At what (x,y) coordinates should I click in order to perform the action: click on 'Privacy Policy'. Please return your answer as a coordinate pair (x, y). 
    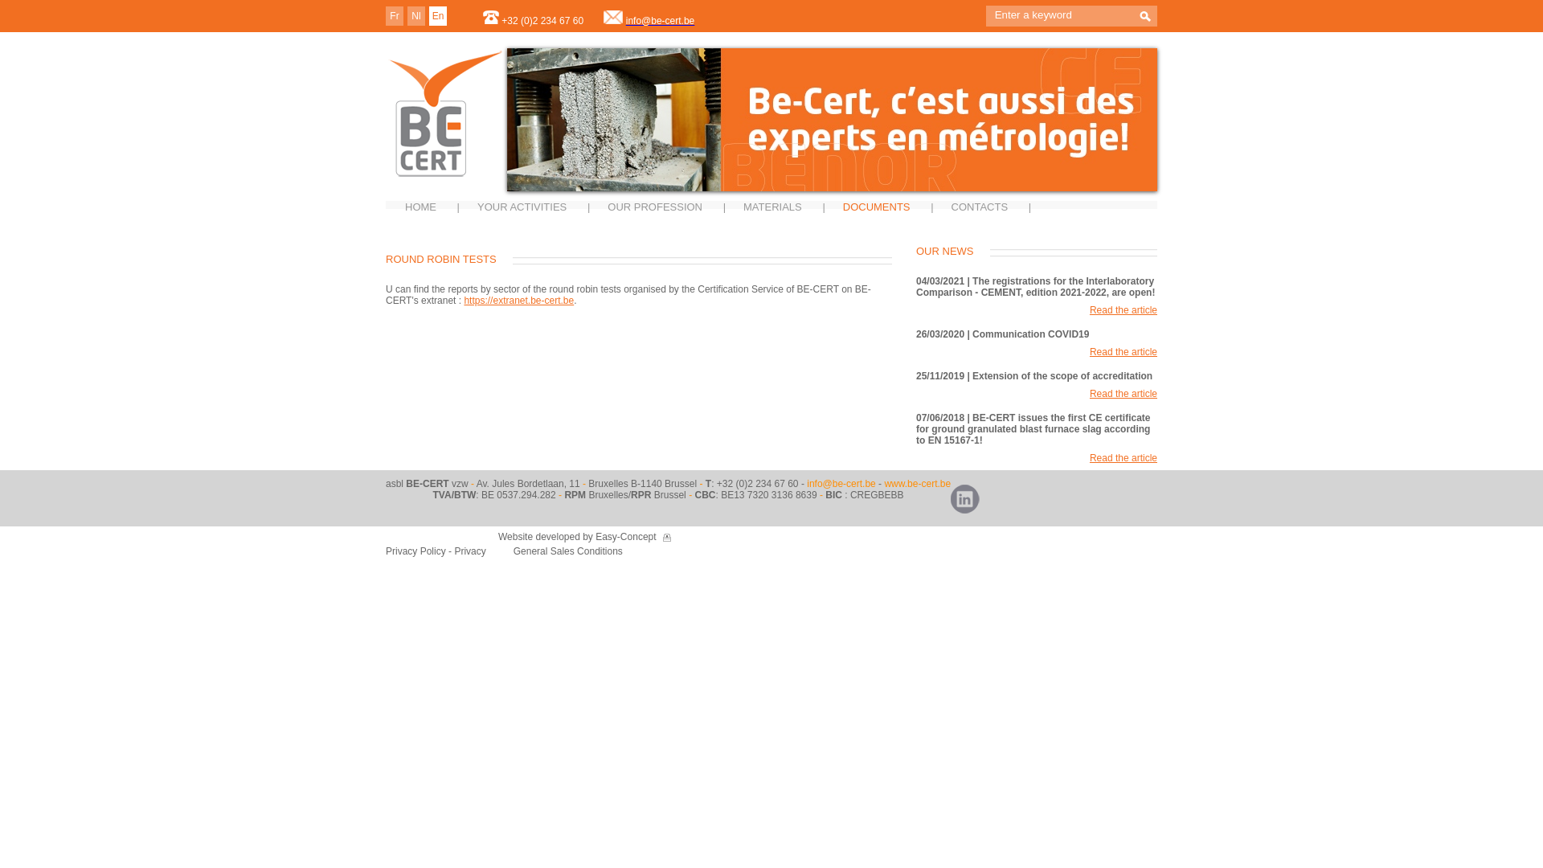
    Looking at the image, I should click on (416, 551).